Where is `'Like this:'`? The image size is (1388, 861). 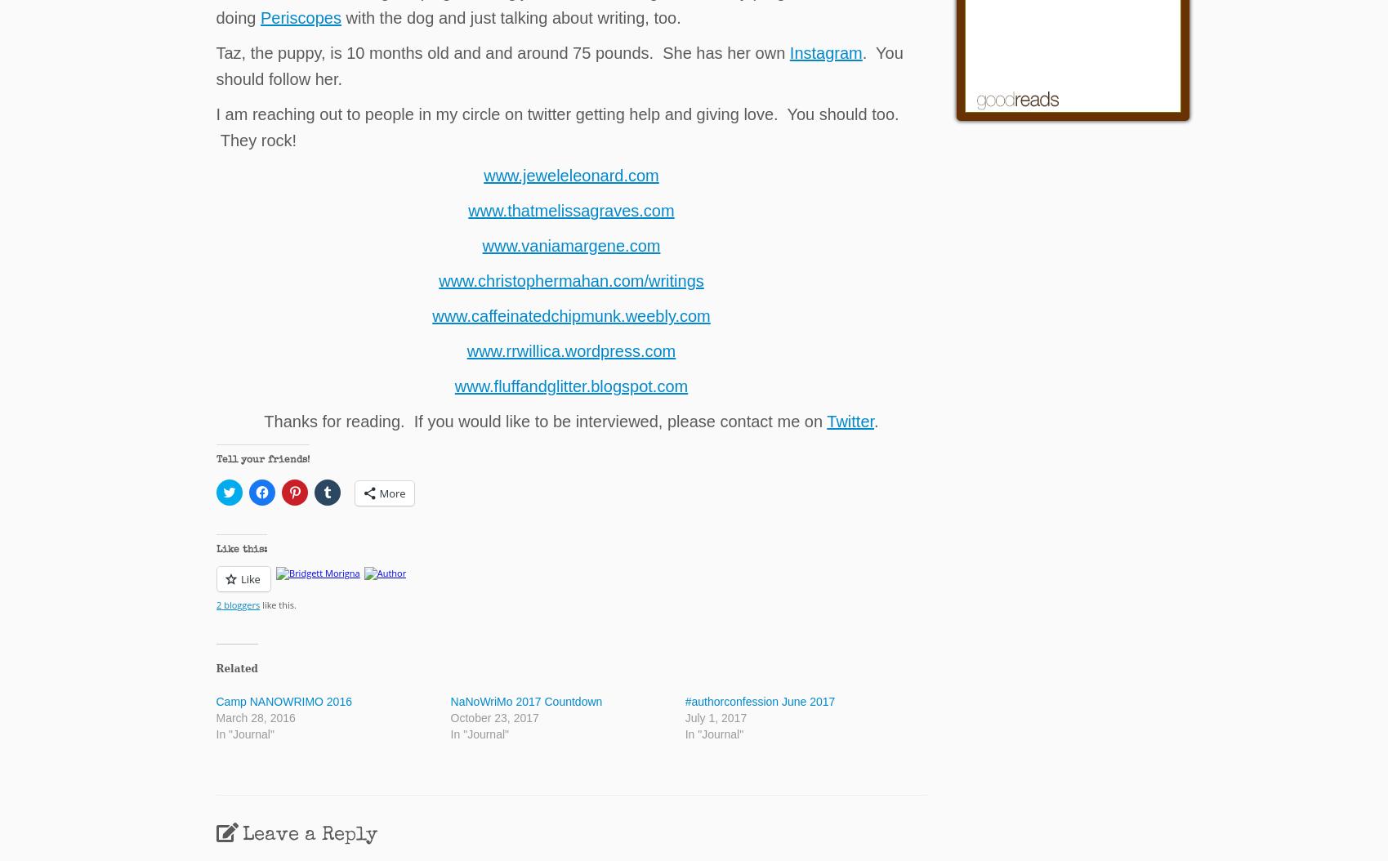 'Like this:' is located at coordinates (239, 549).